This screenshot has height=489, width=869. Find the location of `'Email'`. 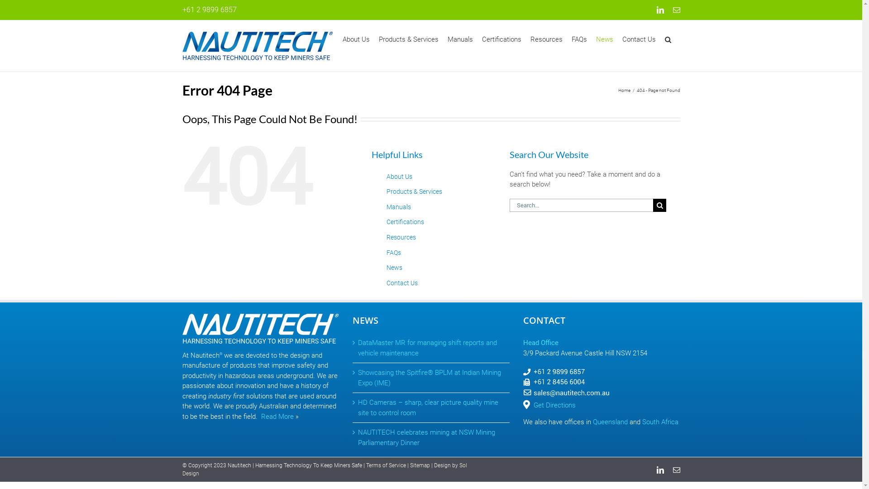

'Email' is located at coordinates (676, 10).